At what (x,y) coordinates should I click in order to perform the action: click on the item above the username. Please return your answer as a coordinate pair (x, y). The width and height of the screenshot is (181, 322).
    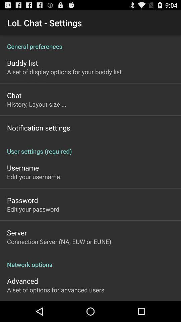
    Looking at the image, I should click on (90, 148).